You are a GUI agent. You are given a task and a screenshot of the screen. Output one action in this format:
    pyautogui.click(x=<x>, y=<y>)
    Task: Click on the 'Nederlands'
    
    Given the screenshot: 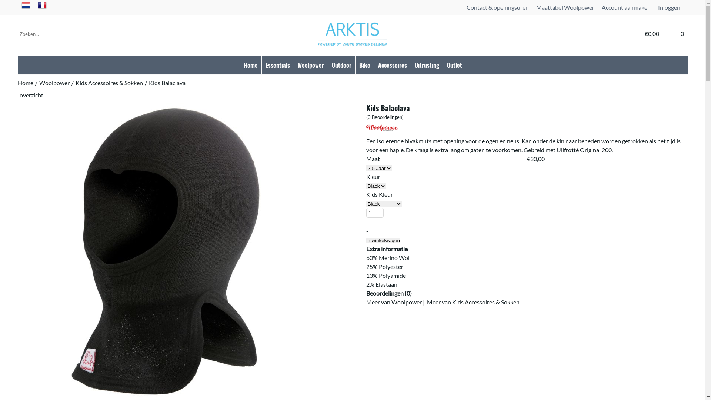 What is the action you would take?
    pyautogui.click(x=26, y=7)
    